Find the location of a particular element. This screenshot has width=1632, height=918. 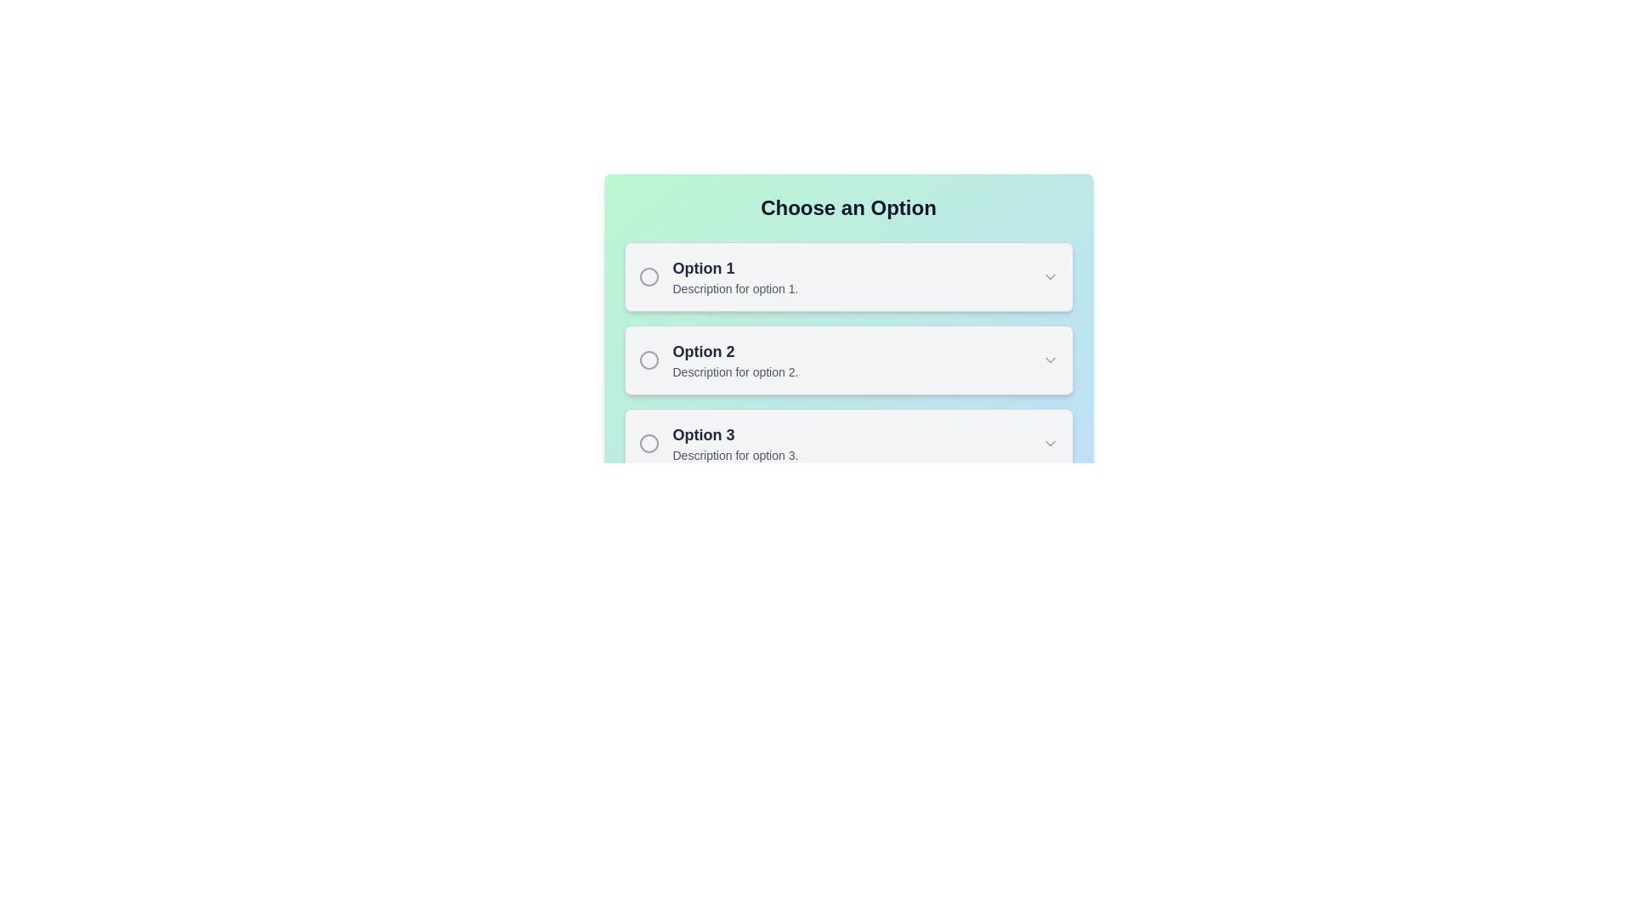

the 'Option 2' interactive option box, which is the second item in the vertical list under 'Choose an Option' is located at coordinates (848, 370).